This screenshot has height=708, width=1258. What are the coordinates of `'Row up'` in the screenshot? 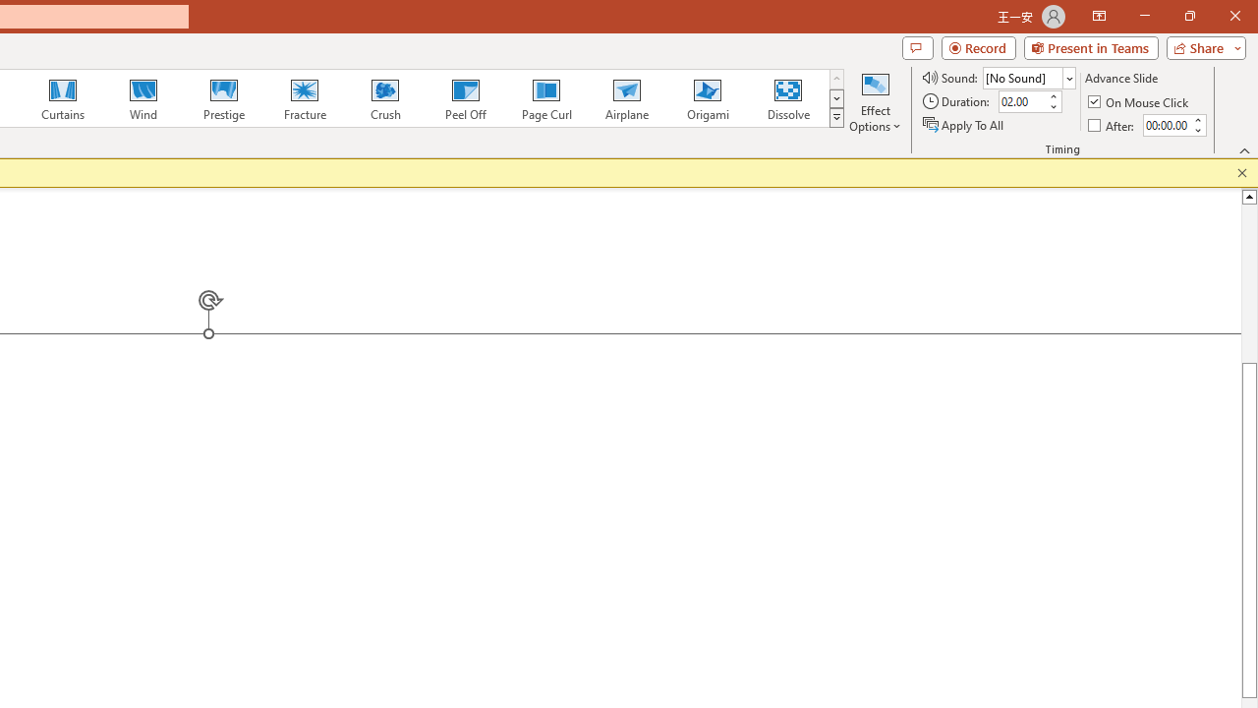 It's located at (836, 78).